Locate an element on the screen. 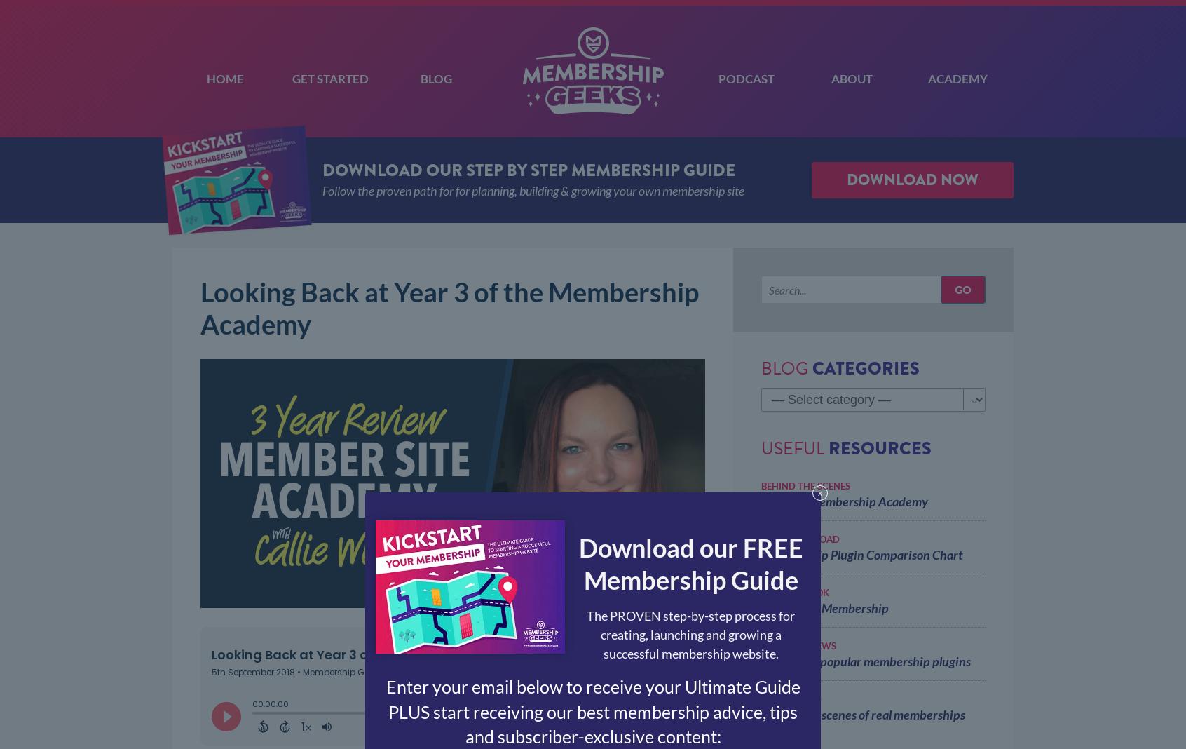 The height and width of the screenshot is (749, 1186). 'Year 8 of Membership Academy' is located at coordinates (845, 501).